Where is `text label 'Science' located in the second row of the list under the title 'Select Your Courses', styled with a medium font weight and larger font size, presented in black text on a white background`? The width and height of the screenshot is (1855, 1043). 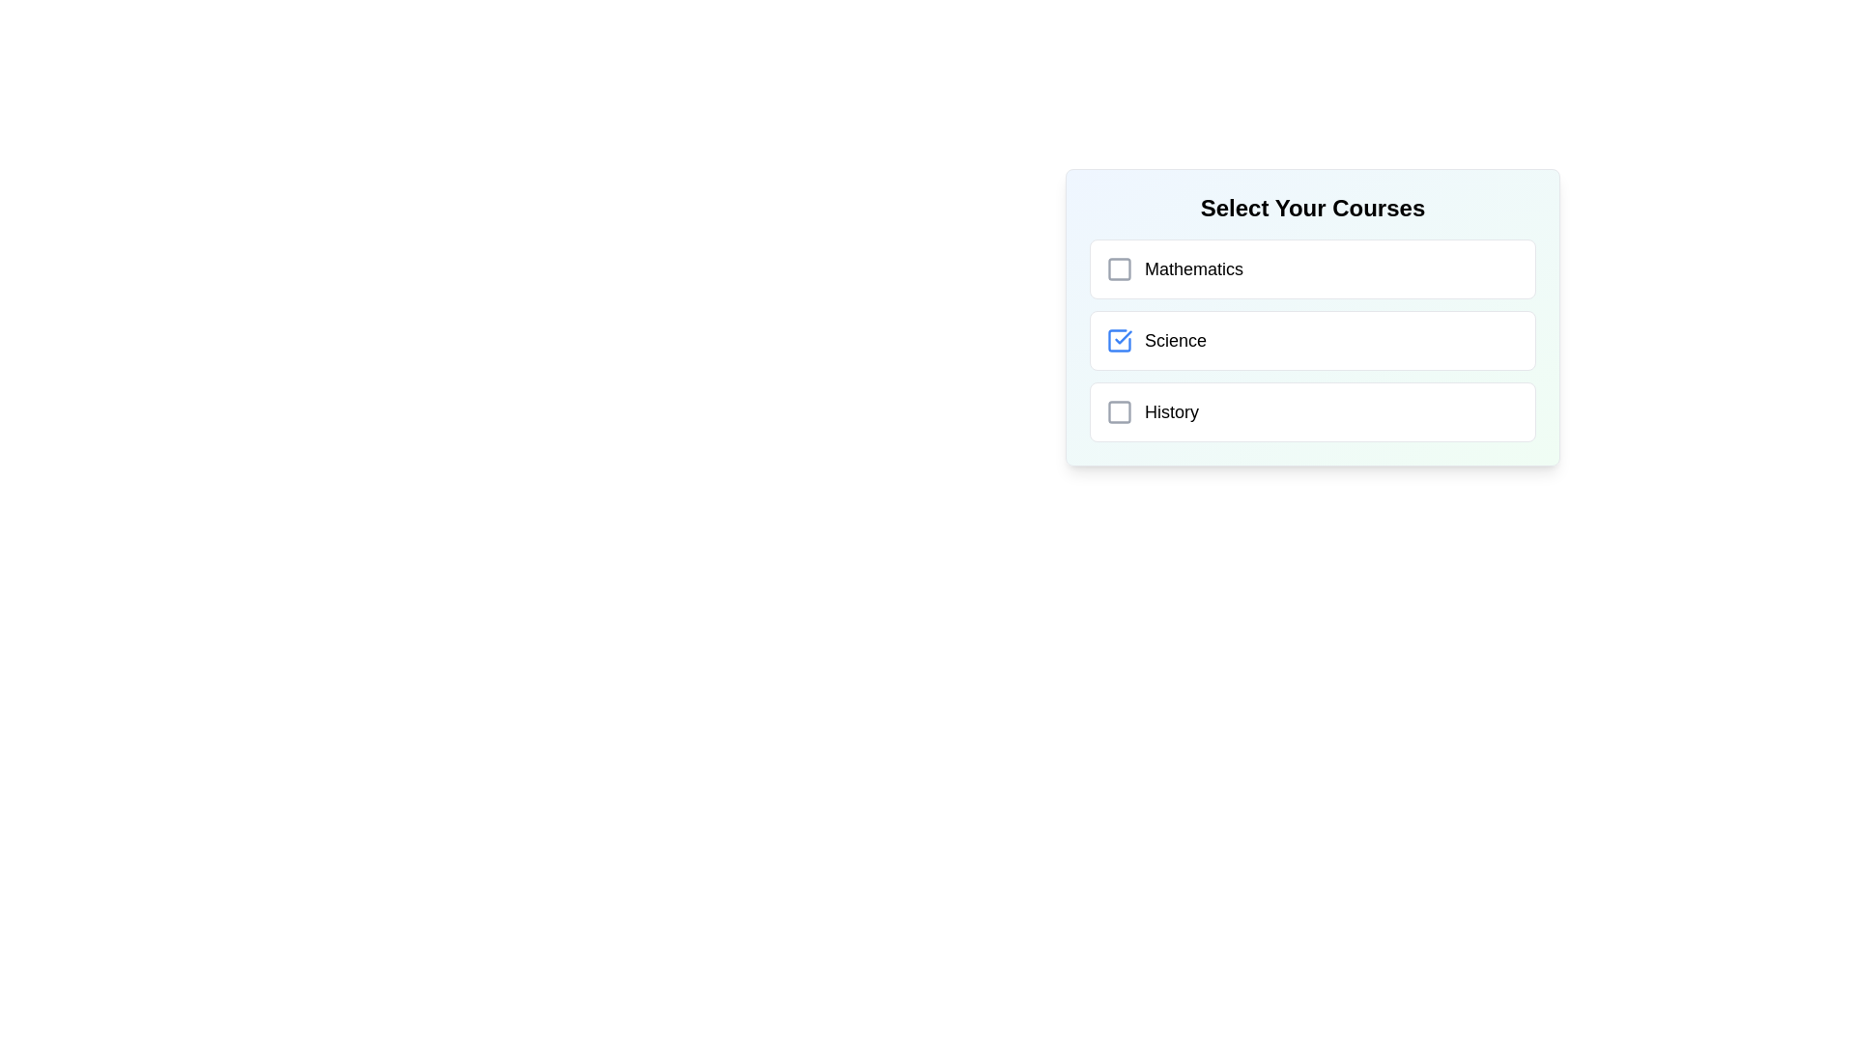
text label 'Science' located in the second row of the list under the title 'Select Your Courses', styled with a medium font weight and larger font size, presented in black text on a white background is located at coordinates (1175, 340).